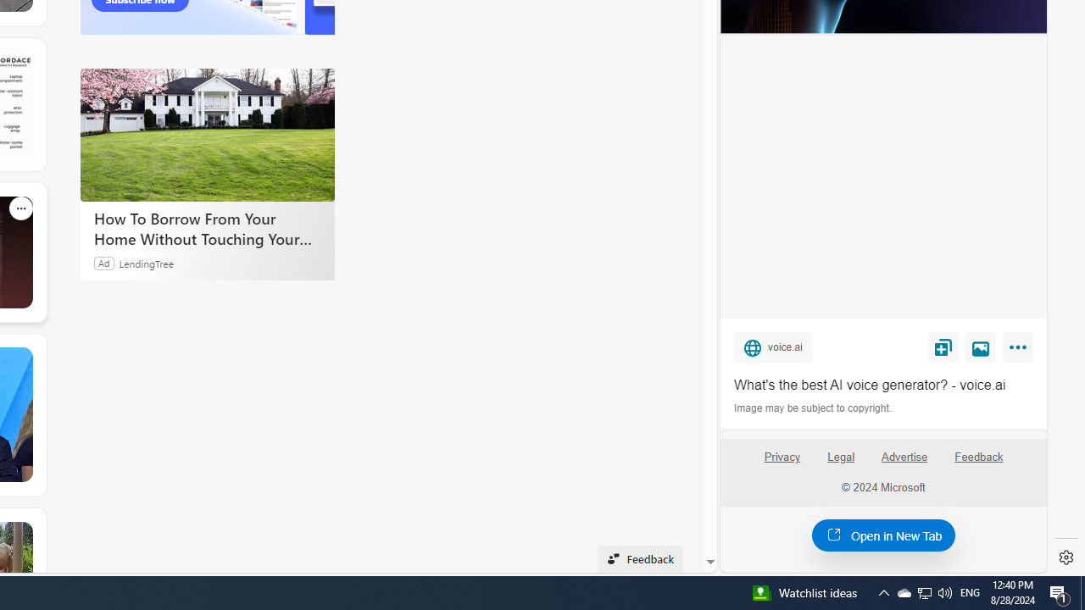 This screenshot has height=610, width=1085. What do you see at coordinates (981, 346) in the screenshot?
I see `'View image'` at bounding box center [981, 346].